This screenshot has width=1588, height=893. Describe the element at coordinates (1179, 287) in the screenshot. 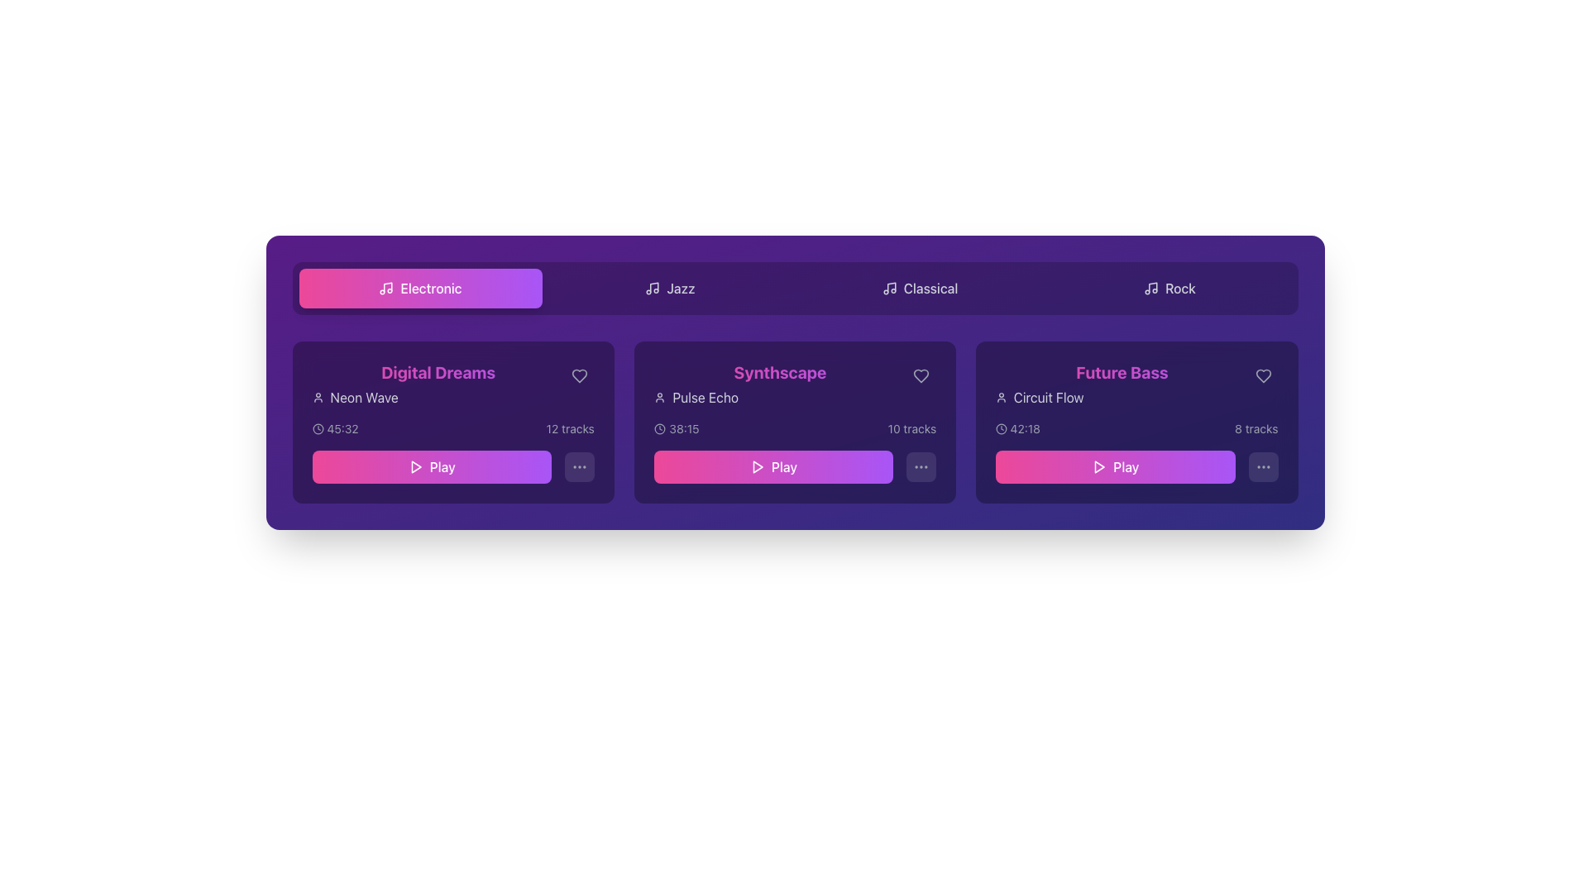

I see `the text-based button labeled 'Rock', which is displayed in white sans-serif font next to a musical note icon on a purple background` at that location.